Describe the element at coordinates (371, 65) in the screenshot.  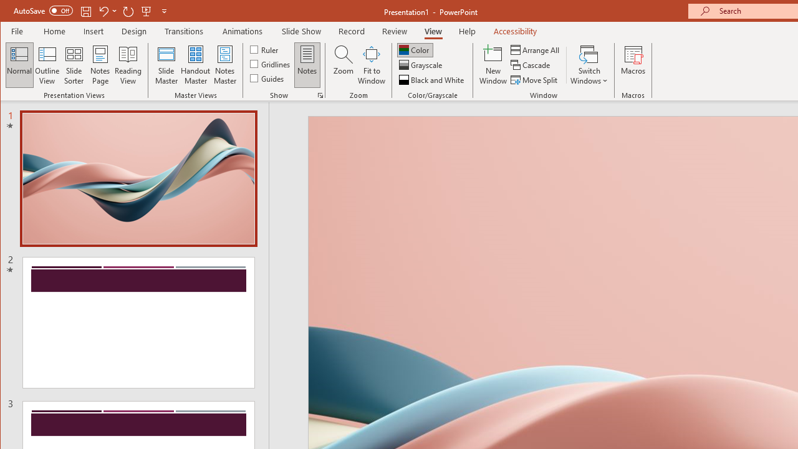
I see `'Fit to Window'` at that location.